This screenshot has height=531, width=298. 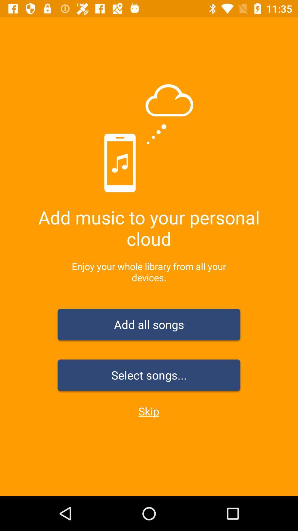 What do you see at coordinates (149, 376) in the screenshot?
I see `the icon above skip item` at bounding box center [149, 376].